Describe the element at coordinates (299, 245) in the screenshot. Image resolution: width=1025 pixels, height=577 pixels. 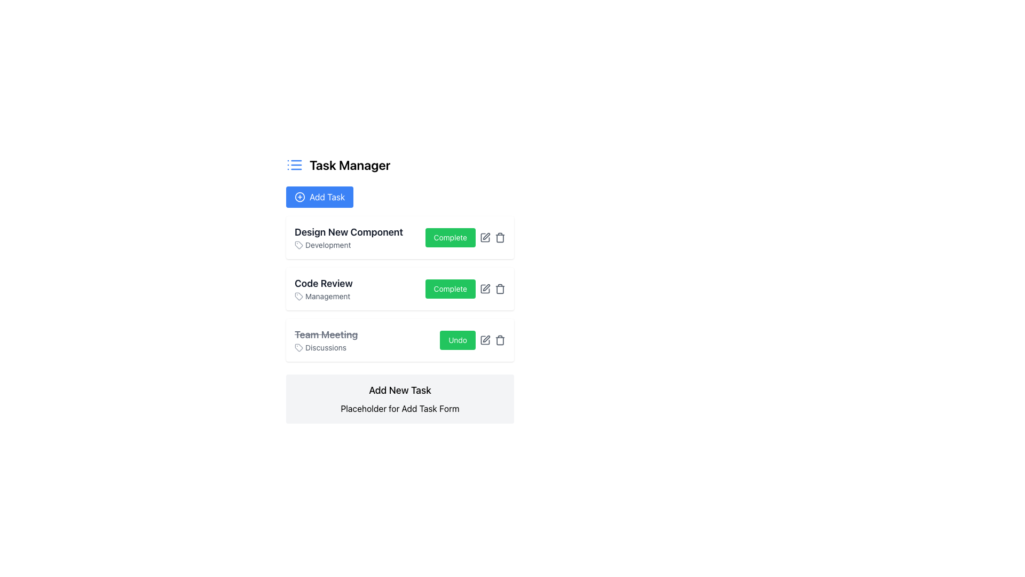
I see `the Tag Icon located at the leftmost side of the 'Development' label within the task entry 'Design New Component'` at that location.